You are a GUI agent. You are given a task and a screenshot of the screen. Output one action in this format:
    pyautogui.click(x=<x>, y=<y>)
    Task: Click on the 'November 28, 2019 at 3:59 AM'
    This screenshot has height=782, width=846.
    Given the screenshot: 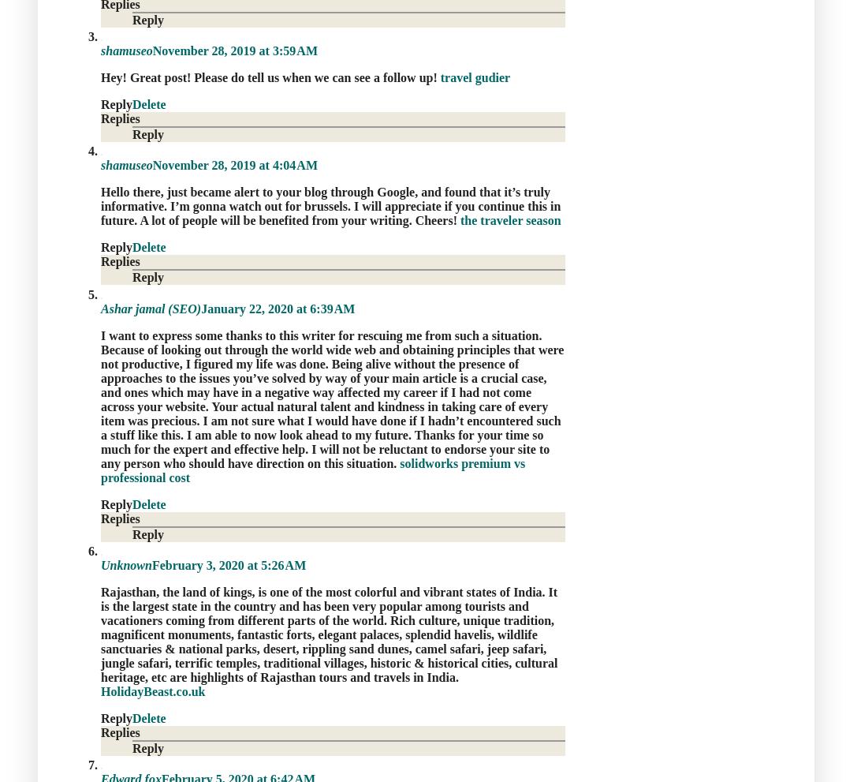 What is the action you would take?
    pyautogui.click(x=233, y=51)
    